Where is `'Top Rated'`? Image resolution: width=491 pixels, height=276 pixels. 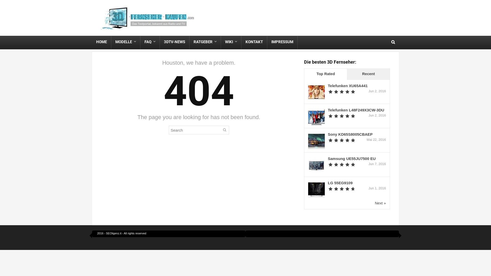
'Top Rated' is located at coordinates (325, 74).